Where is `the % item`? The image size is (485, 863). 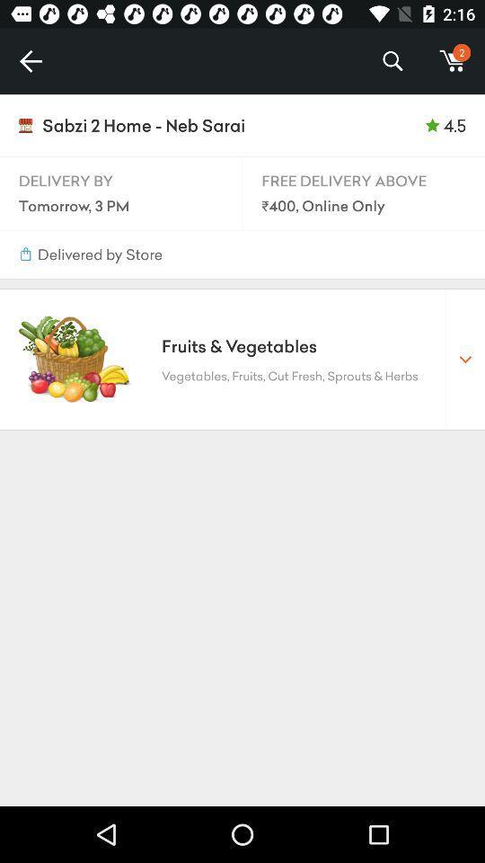
the % item is located at coordinates (392, 61).